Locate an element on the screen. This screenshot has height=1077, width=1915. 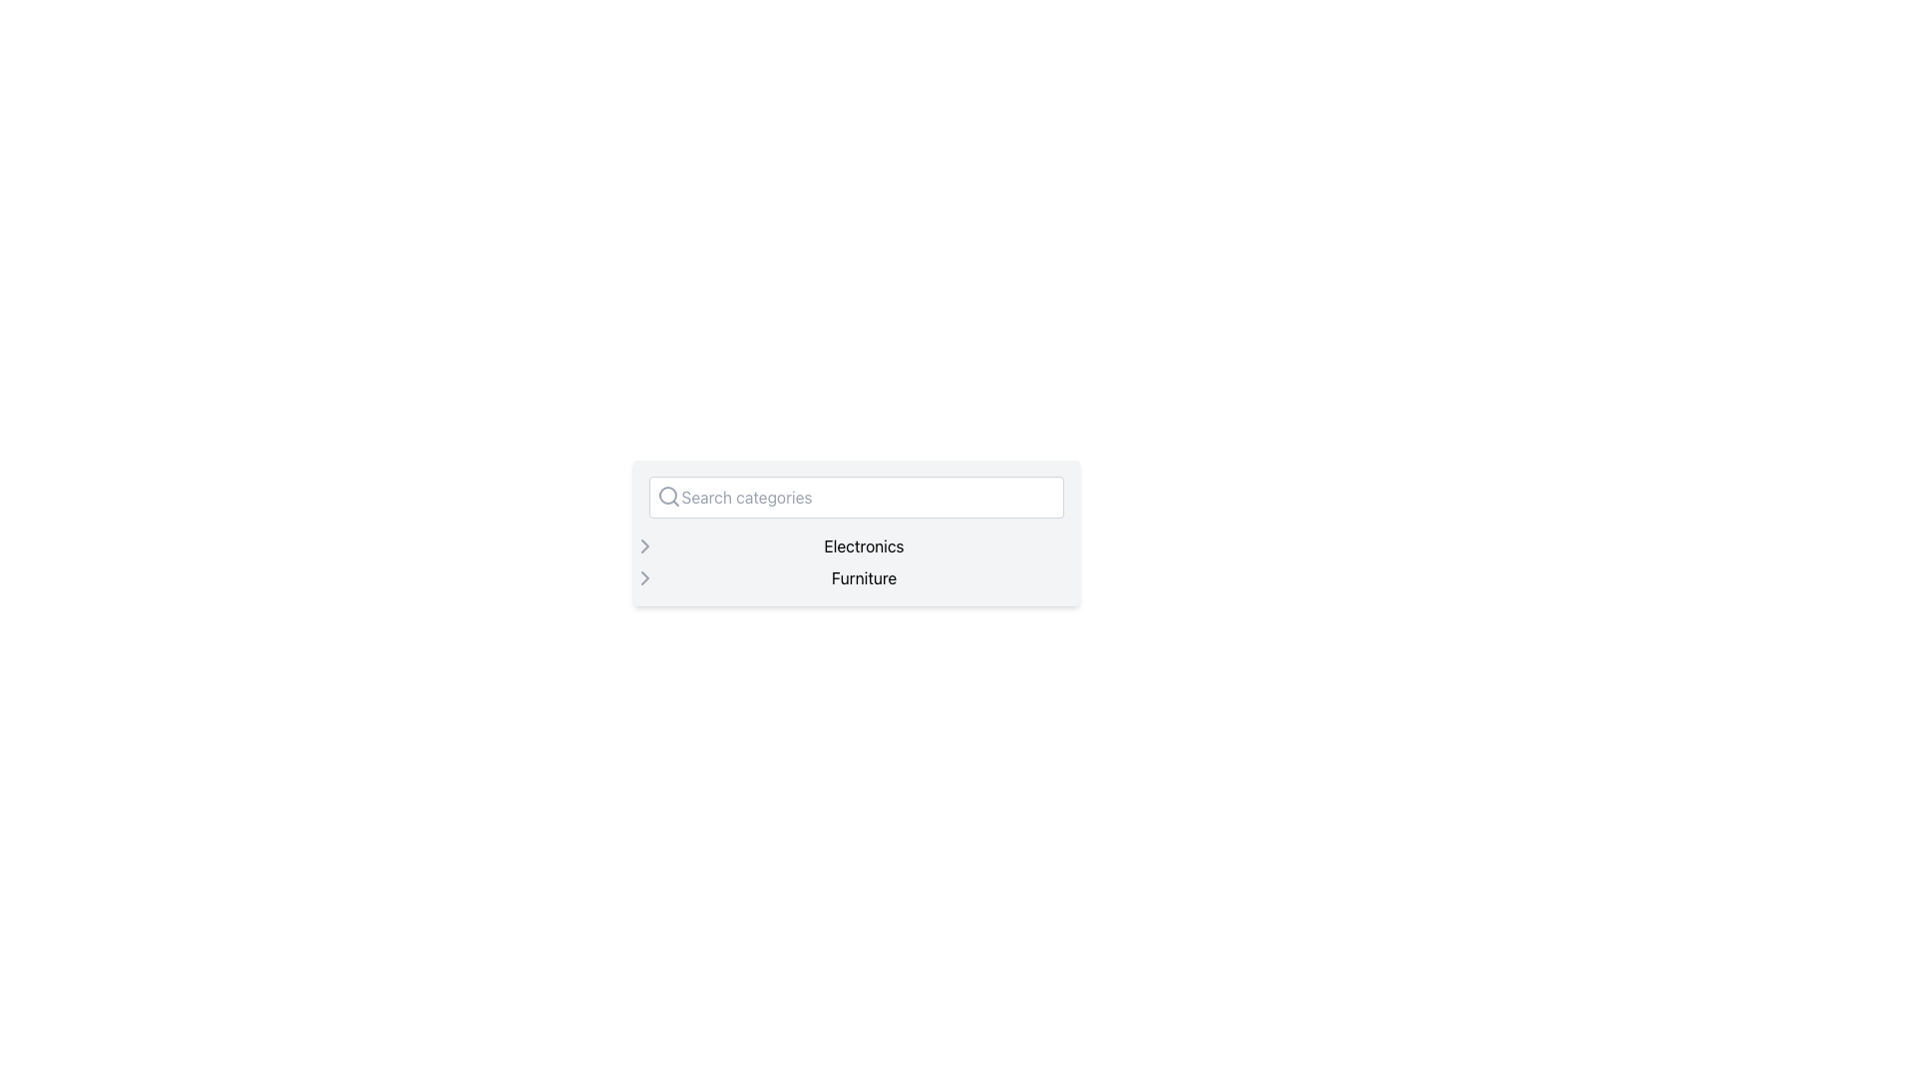
the 'Electronics' text label, which is the first item in the category listing panel is located at coordinates (856, 545).